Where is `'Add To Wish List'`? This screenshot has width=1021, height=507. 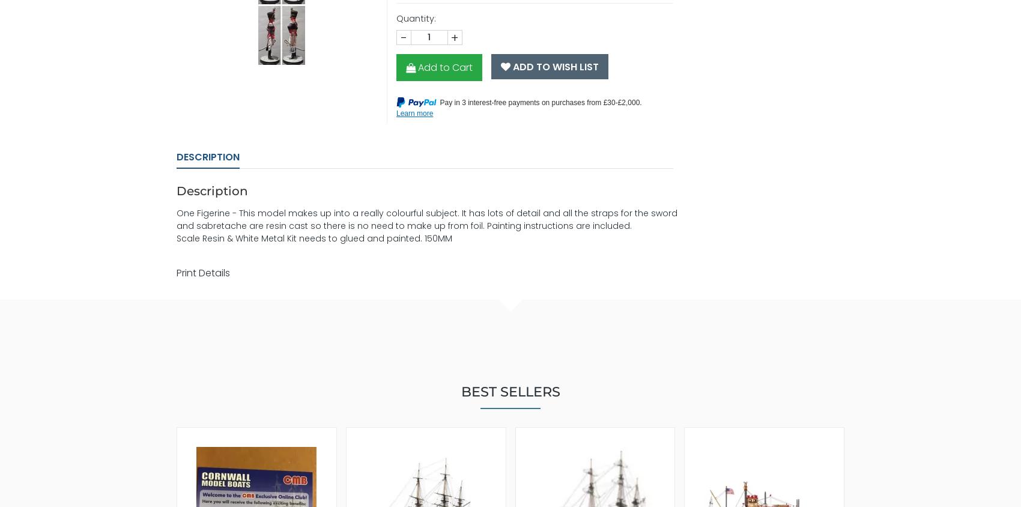
'Add To Wish List' is located at coordinates (509, 67).